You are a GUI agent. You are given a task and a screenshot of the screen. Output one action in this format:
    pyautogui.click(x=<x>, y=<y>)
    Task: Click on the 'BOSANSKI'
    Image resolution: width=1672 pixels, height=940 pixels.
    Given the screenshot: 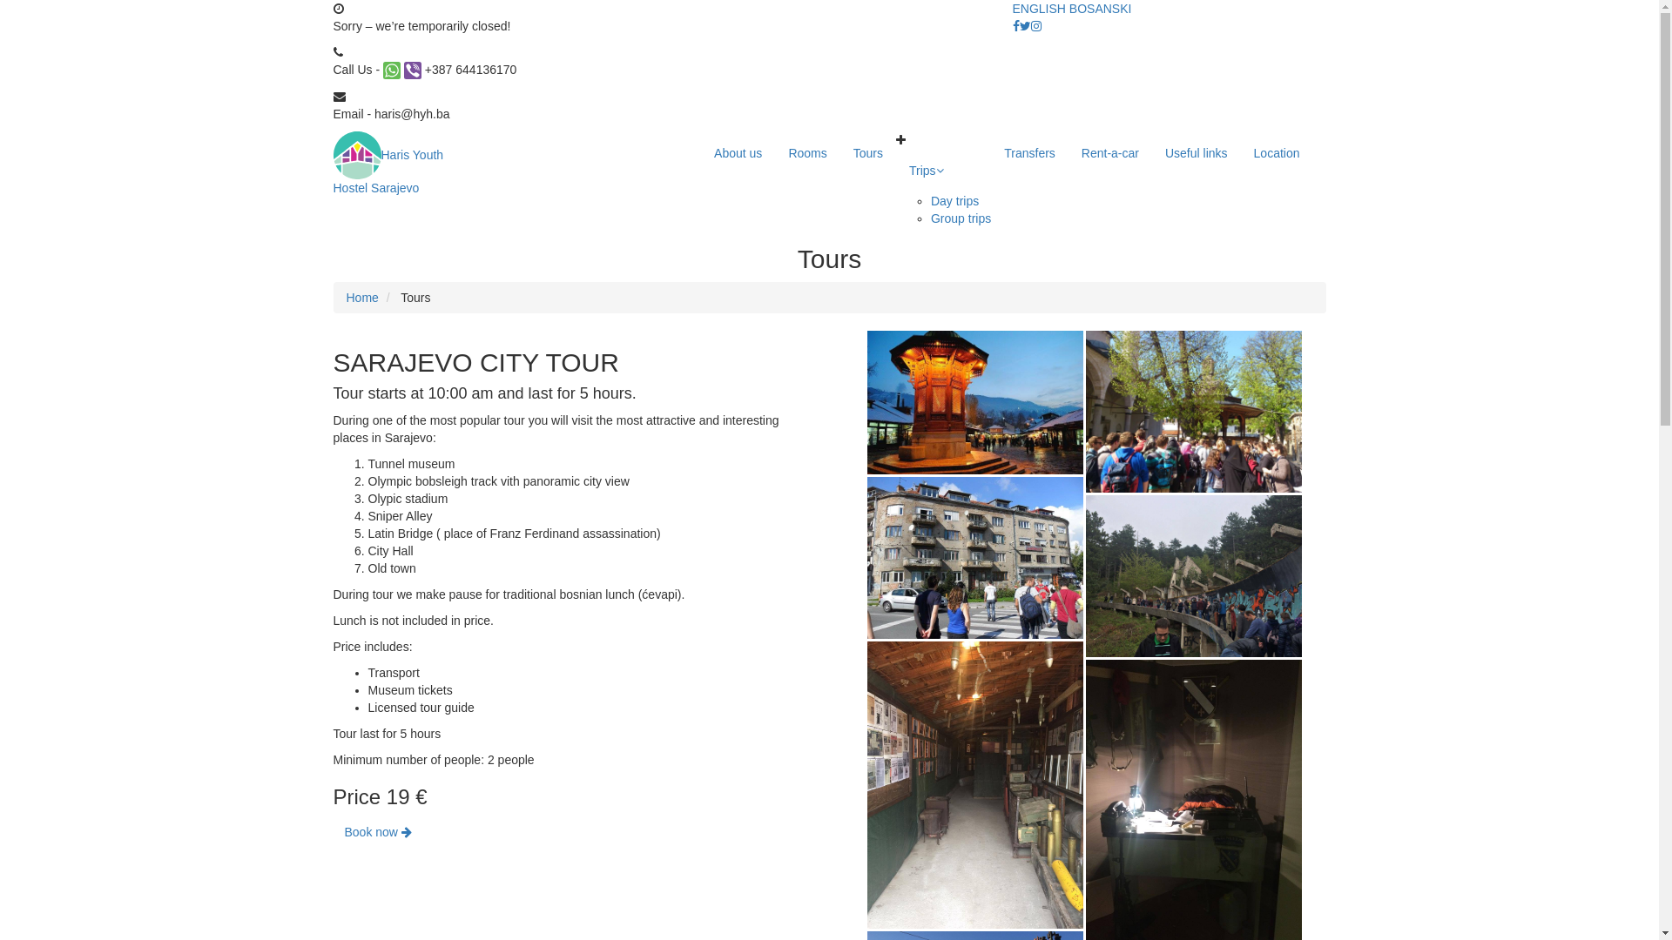 What is the action you would take?
    pyautogui.click(x=1099, y=9)
    